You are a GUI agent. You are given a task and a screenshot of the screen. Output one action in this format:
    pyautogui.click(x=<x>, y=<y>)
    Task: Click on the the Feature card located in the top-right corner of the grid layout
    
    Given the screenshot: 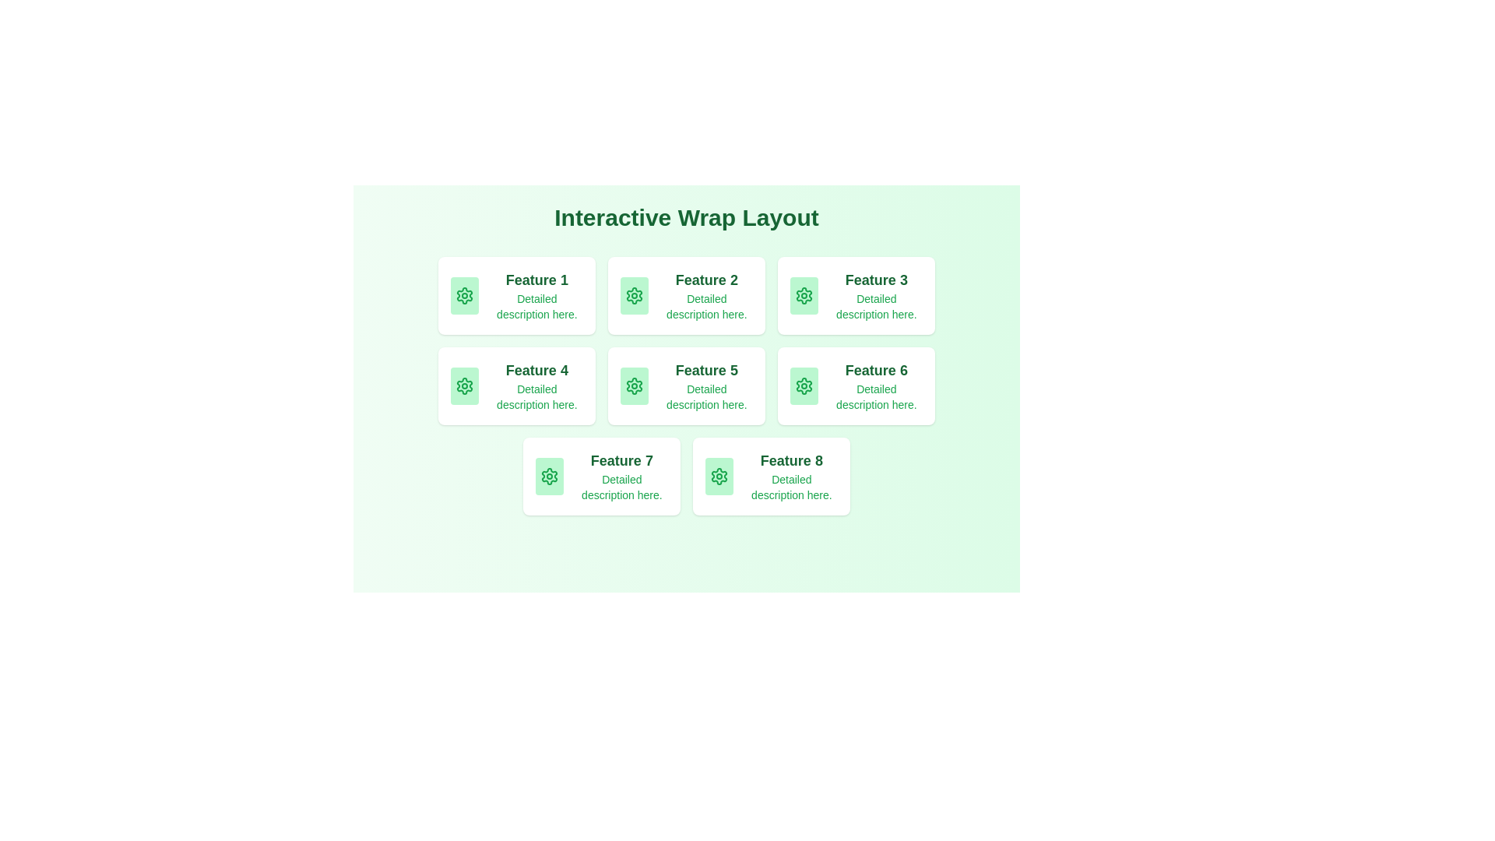 What is the action you would take?
    pyautogui.click(x=855, y=296)
    